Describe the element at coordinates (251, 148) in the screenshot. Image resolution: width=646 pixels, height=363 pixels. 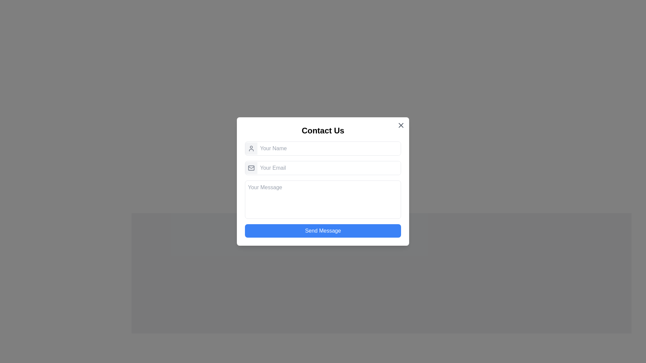
I see `the circular user silhouette icon with a gray background in the 'Contact Us' form, located to the left of the 'Your Name' input field` at that location.